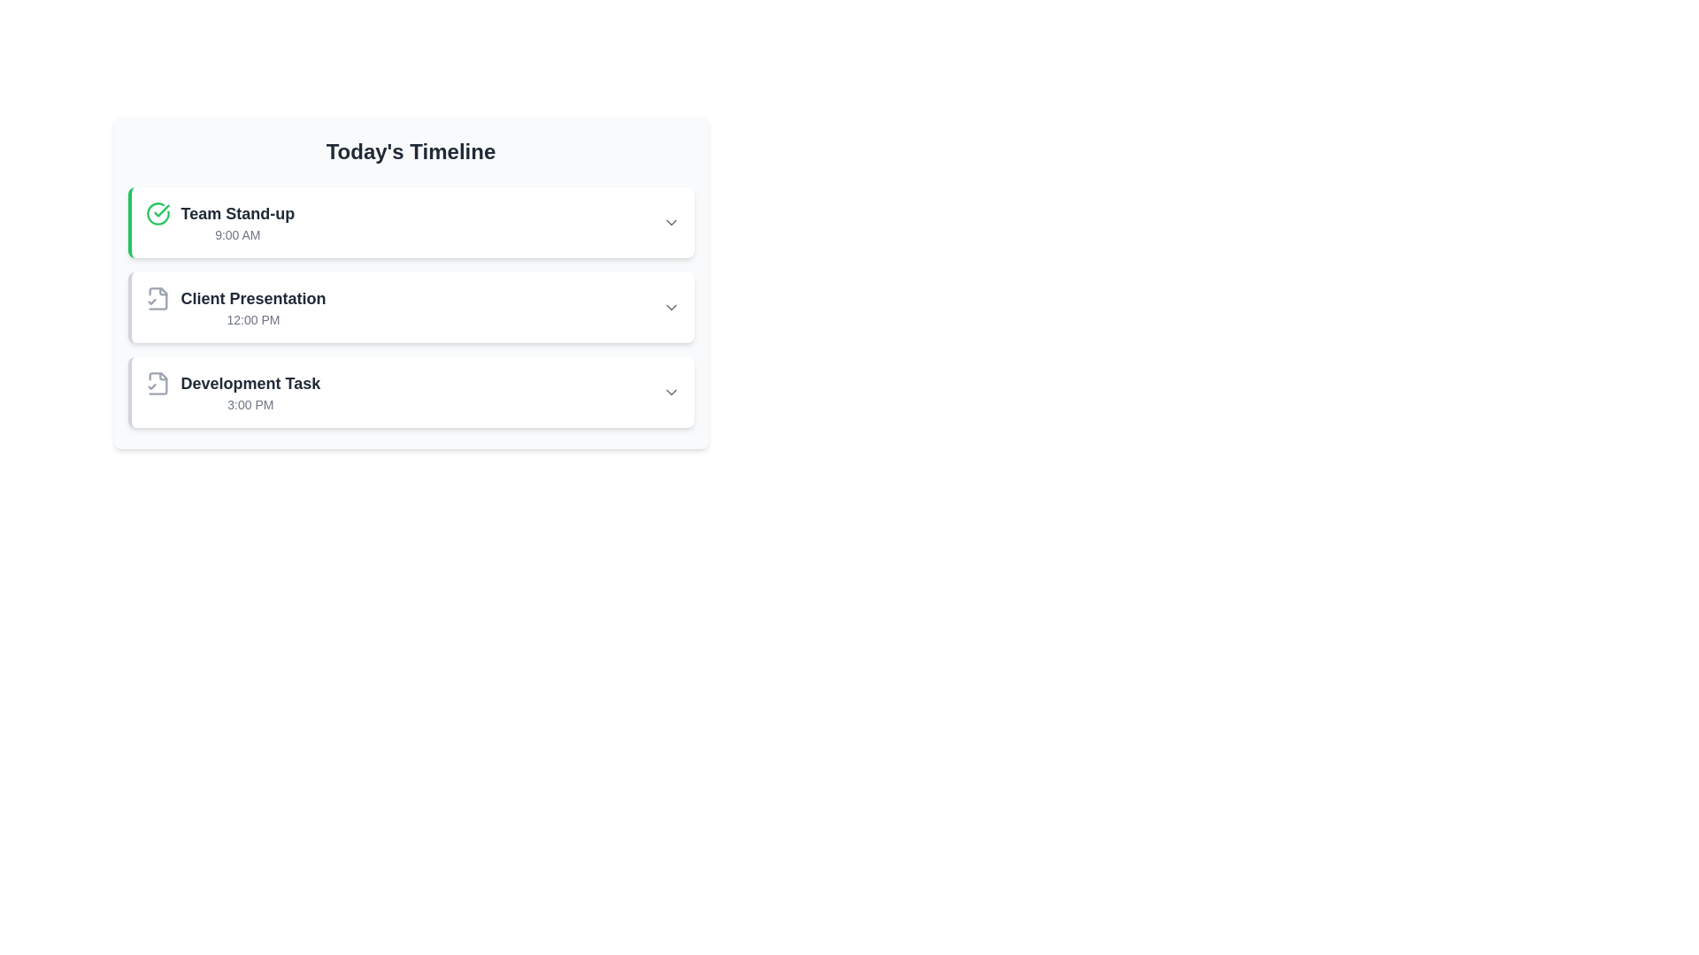 This screenshot has width=1699, height=955. What do you see at coordinates (410, 306) in the screenshot?
I see `the 'Client Presentation' card, which is a rectangular card with a white background and gray left border, positioned in the middle of three vertically stacked event cards` at bounding box center [410, 306].